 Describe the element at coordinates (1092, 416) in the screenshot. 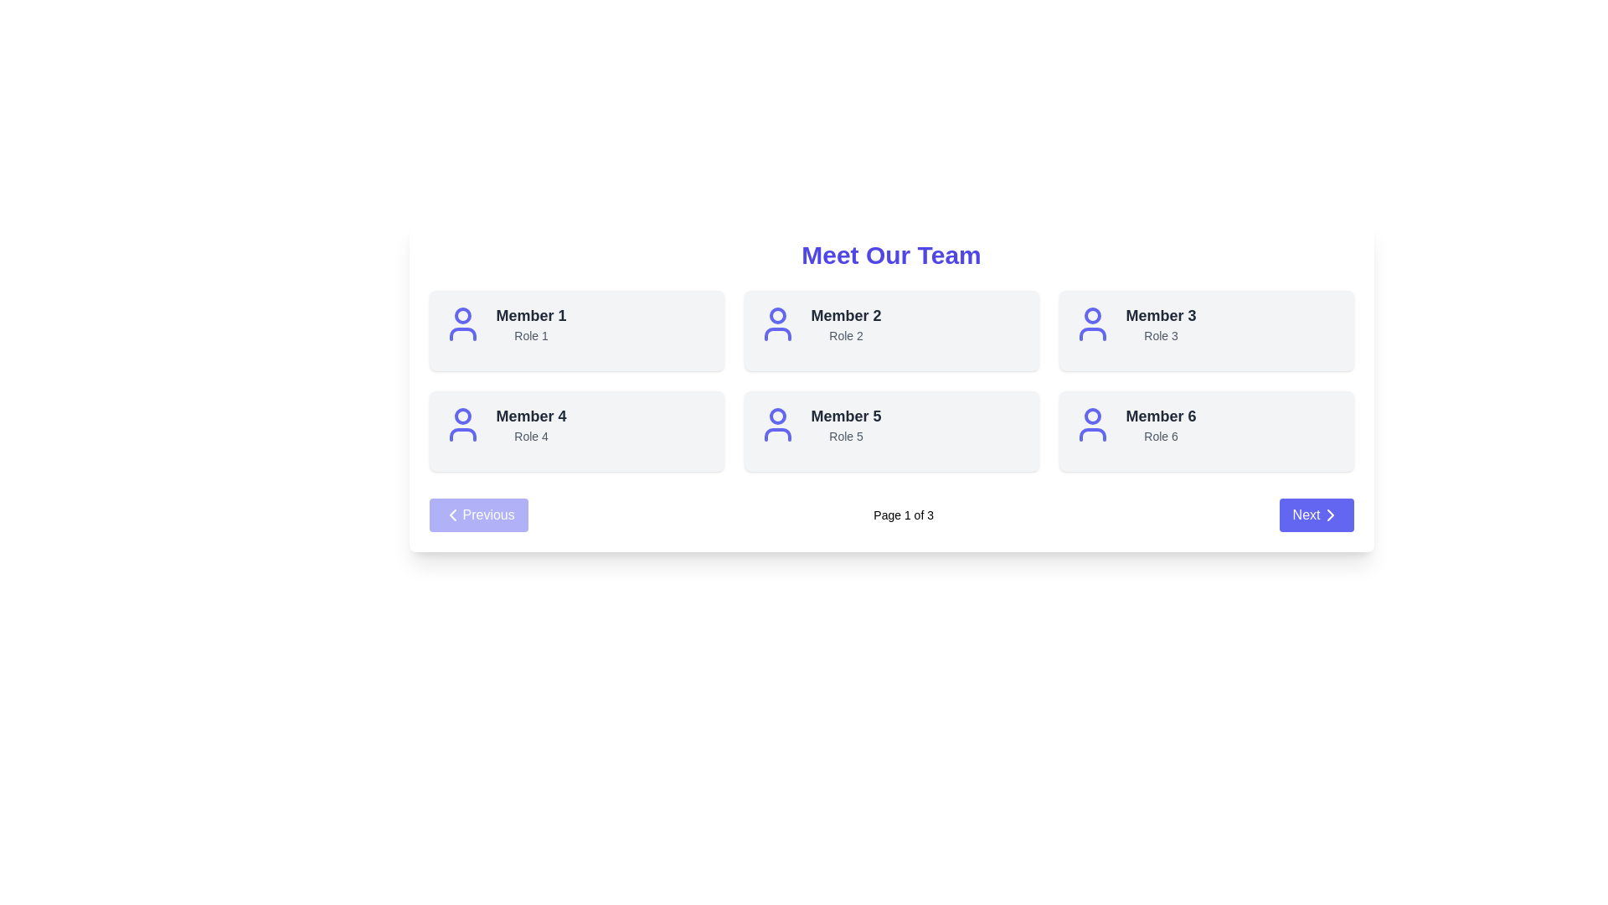

I see `circular figure representing the head of the user in the SVG icon for 'Member 6' via developer tools` at that location.